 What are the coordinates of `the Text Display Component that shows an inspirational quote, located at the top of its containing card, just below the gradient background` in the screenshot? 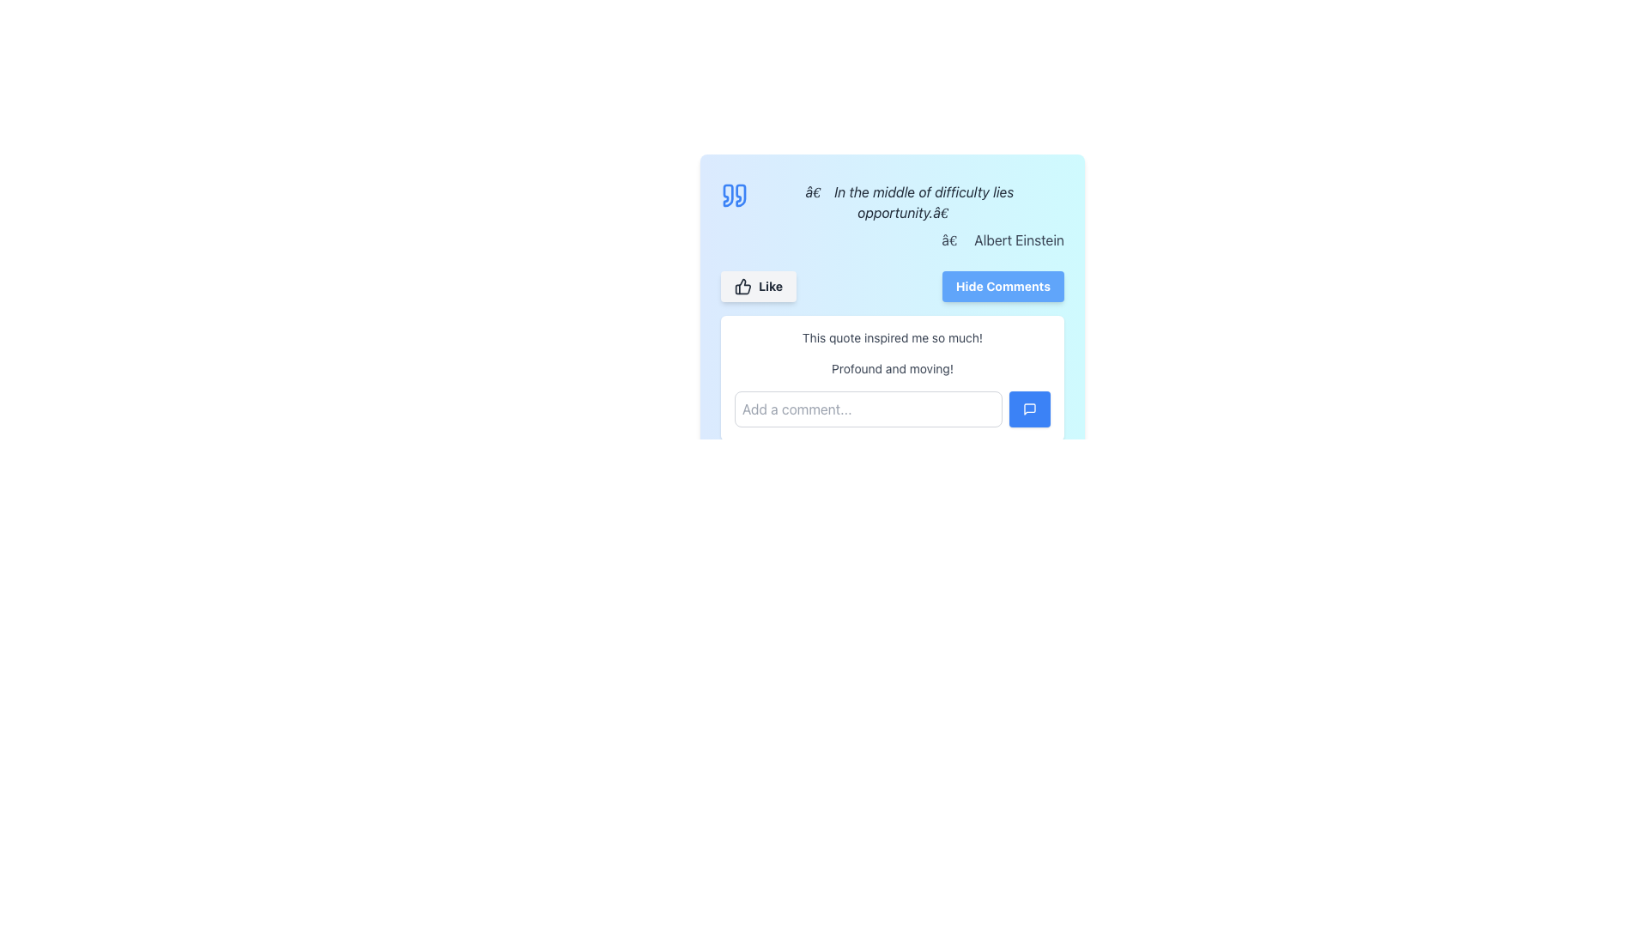 It's located at (893, 215).